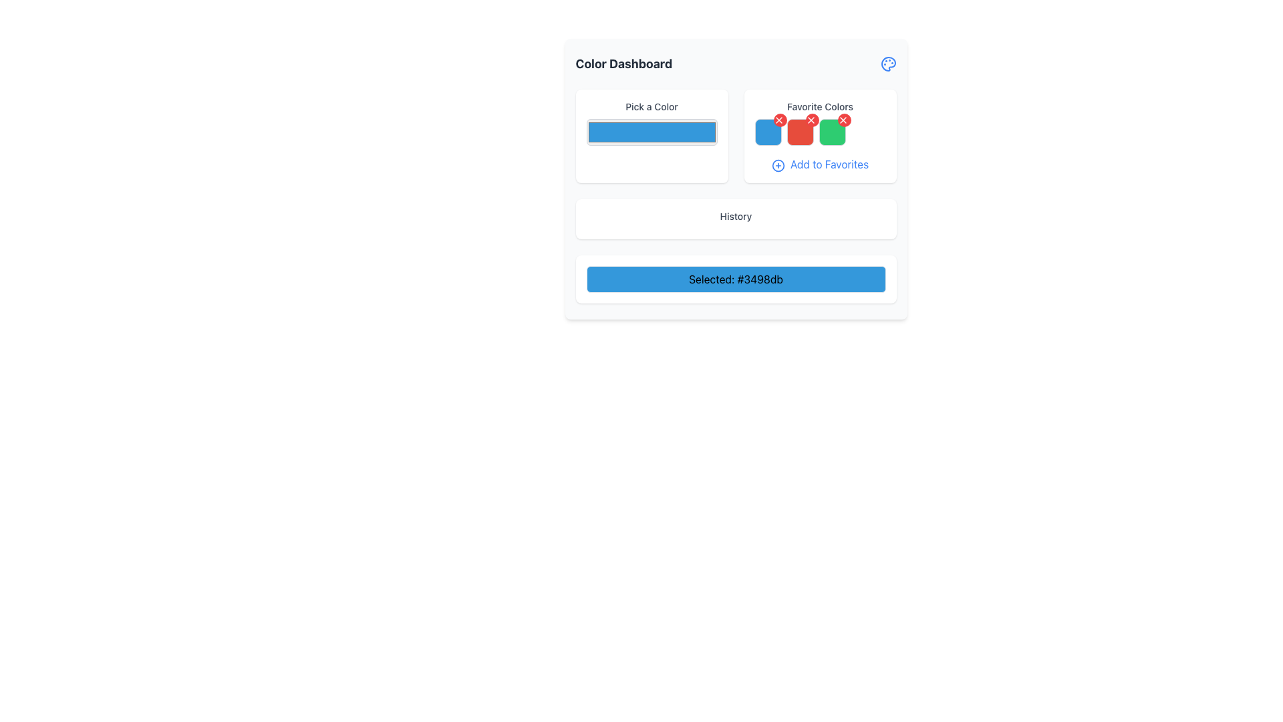 The width and height of the screenshot is (1283, 722). I want to click on the clickable label with an icon located at the bottom of the 'Favorite Colors' panel, so click(819, 164).